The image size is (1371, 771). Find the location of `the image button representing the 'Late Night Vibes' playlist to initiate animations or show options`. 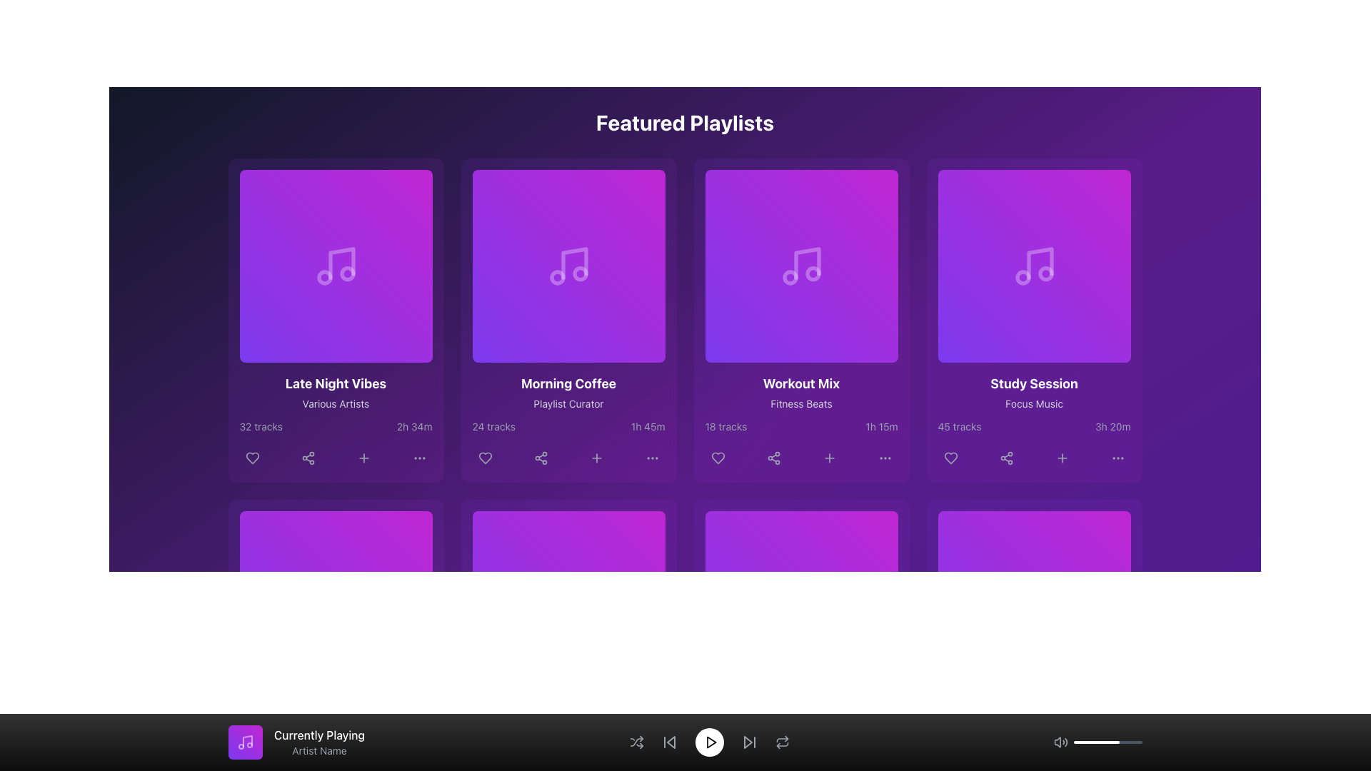

the image button representing the 'Late Night Vibes' playlist to initiate animations or show options is located at coordinates (335, 266).